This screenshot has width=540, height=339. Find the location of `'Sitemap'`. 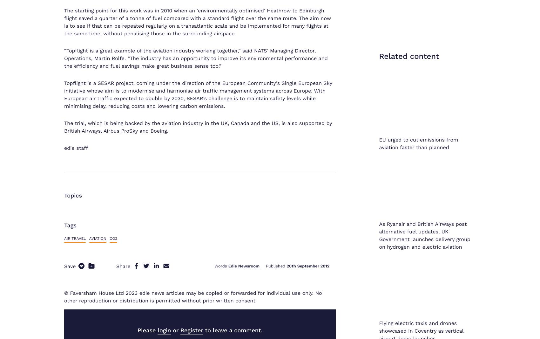

'Sitemap' is located at coordinates (74, 239).